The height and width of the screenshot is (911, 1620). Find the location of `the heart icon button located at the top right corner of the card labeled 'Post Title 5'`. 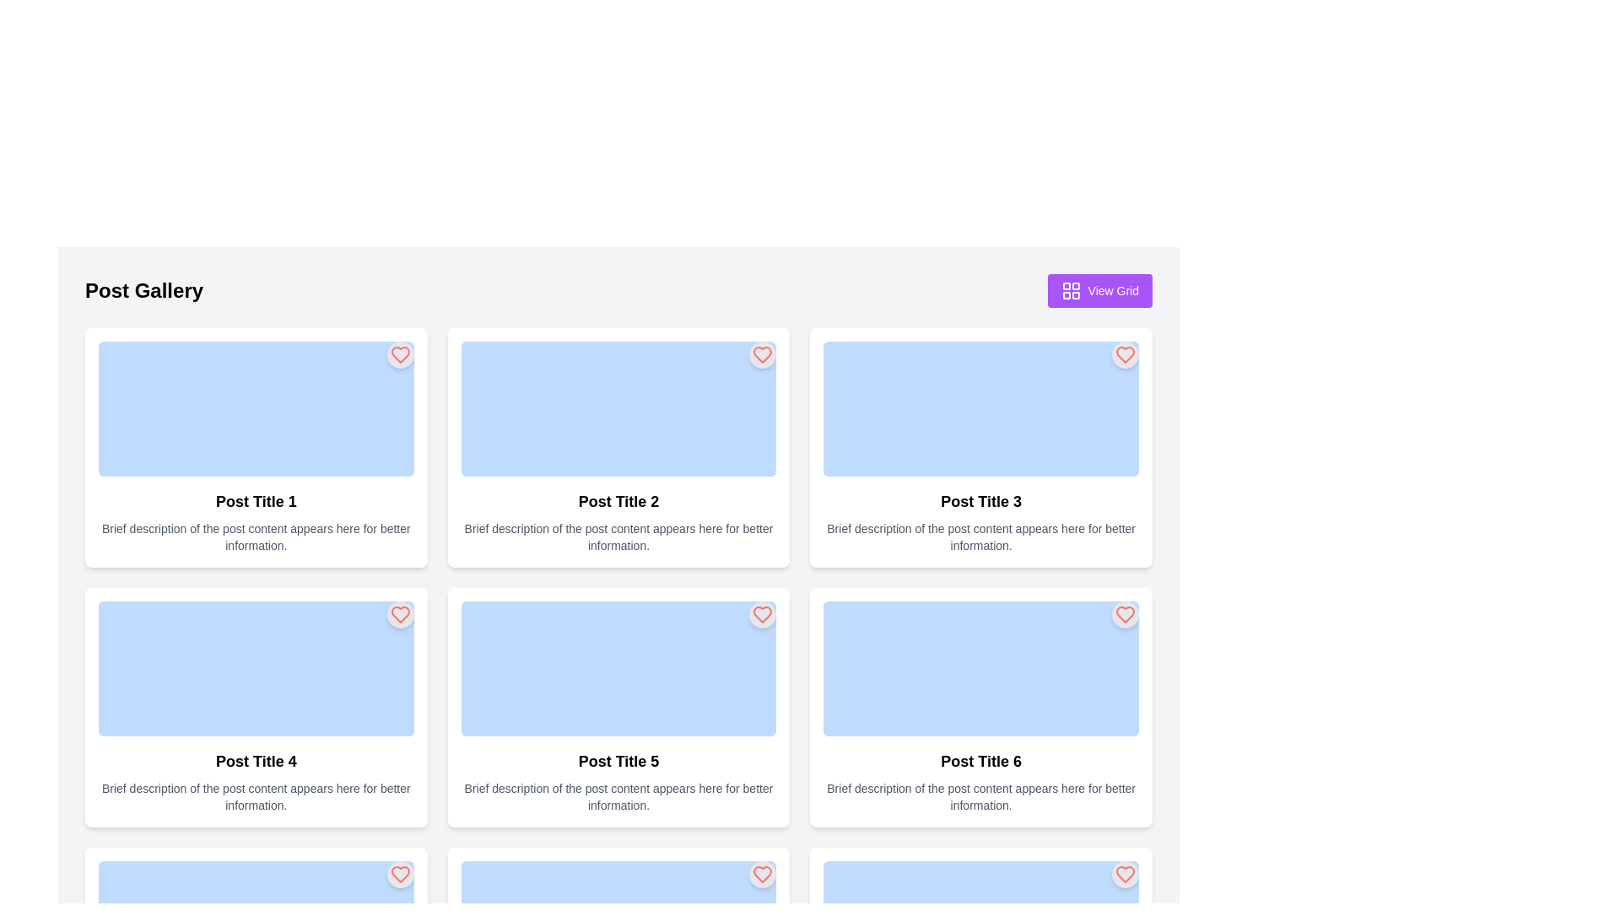

the heart icon button located at the top right corner of the card labeled 'Post Title 5' is located at coordinates (762, 874).